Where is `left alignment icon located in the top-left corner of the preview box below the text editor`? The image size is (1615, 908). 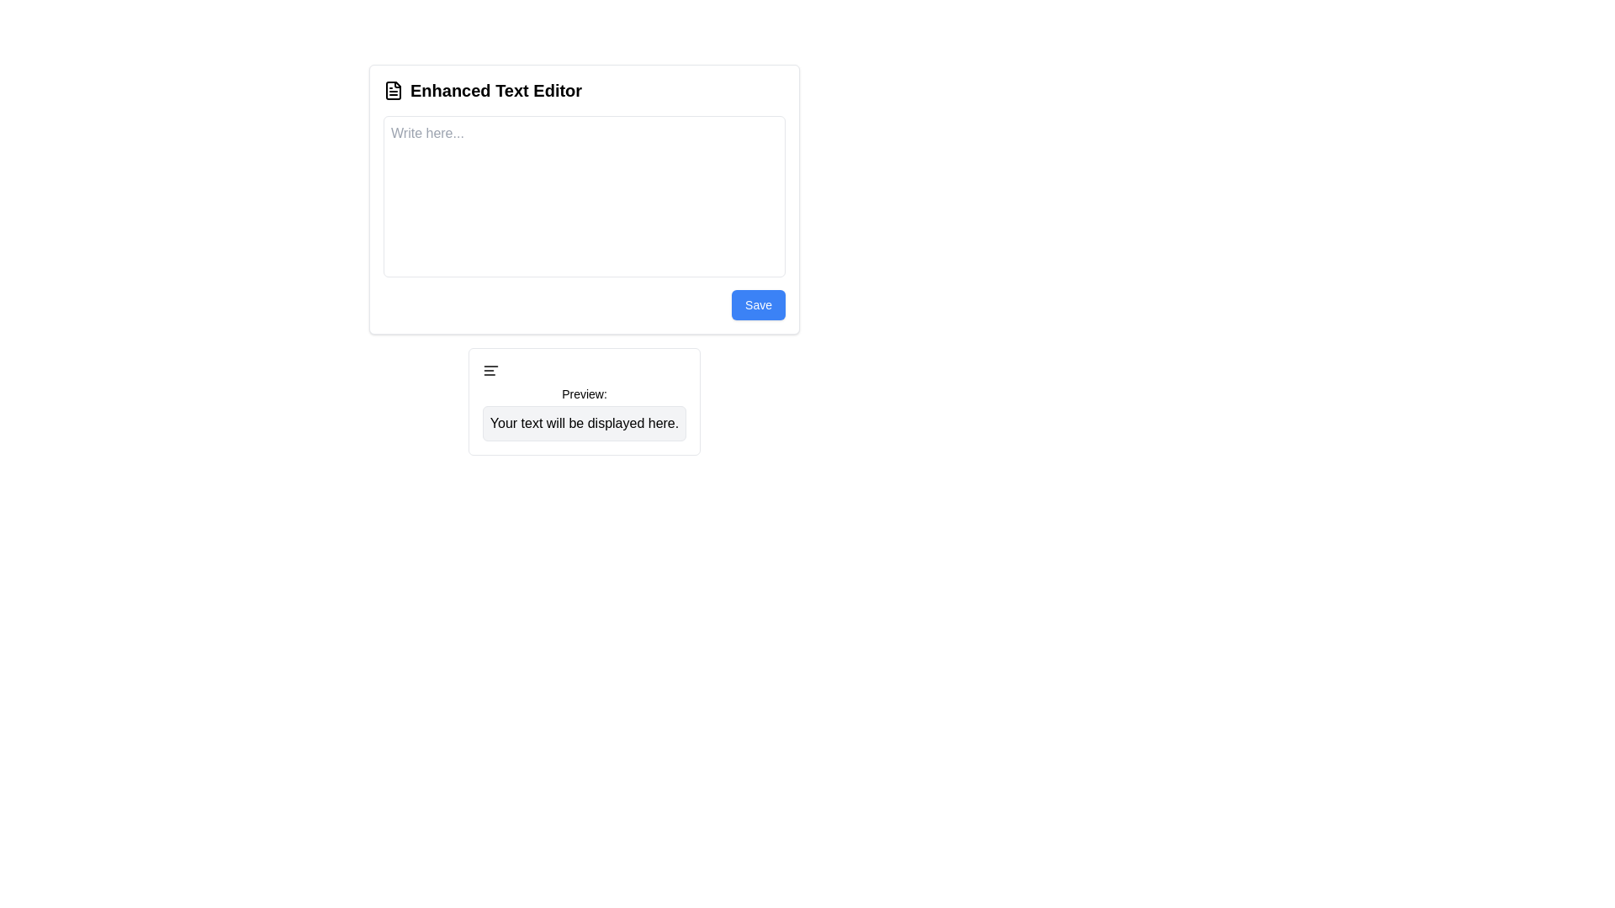 left alignment icon located in the top-left corner of the preview box below the text editor is located at coordinates (490, 369).